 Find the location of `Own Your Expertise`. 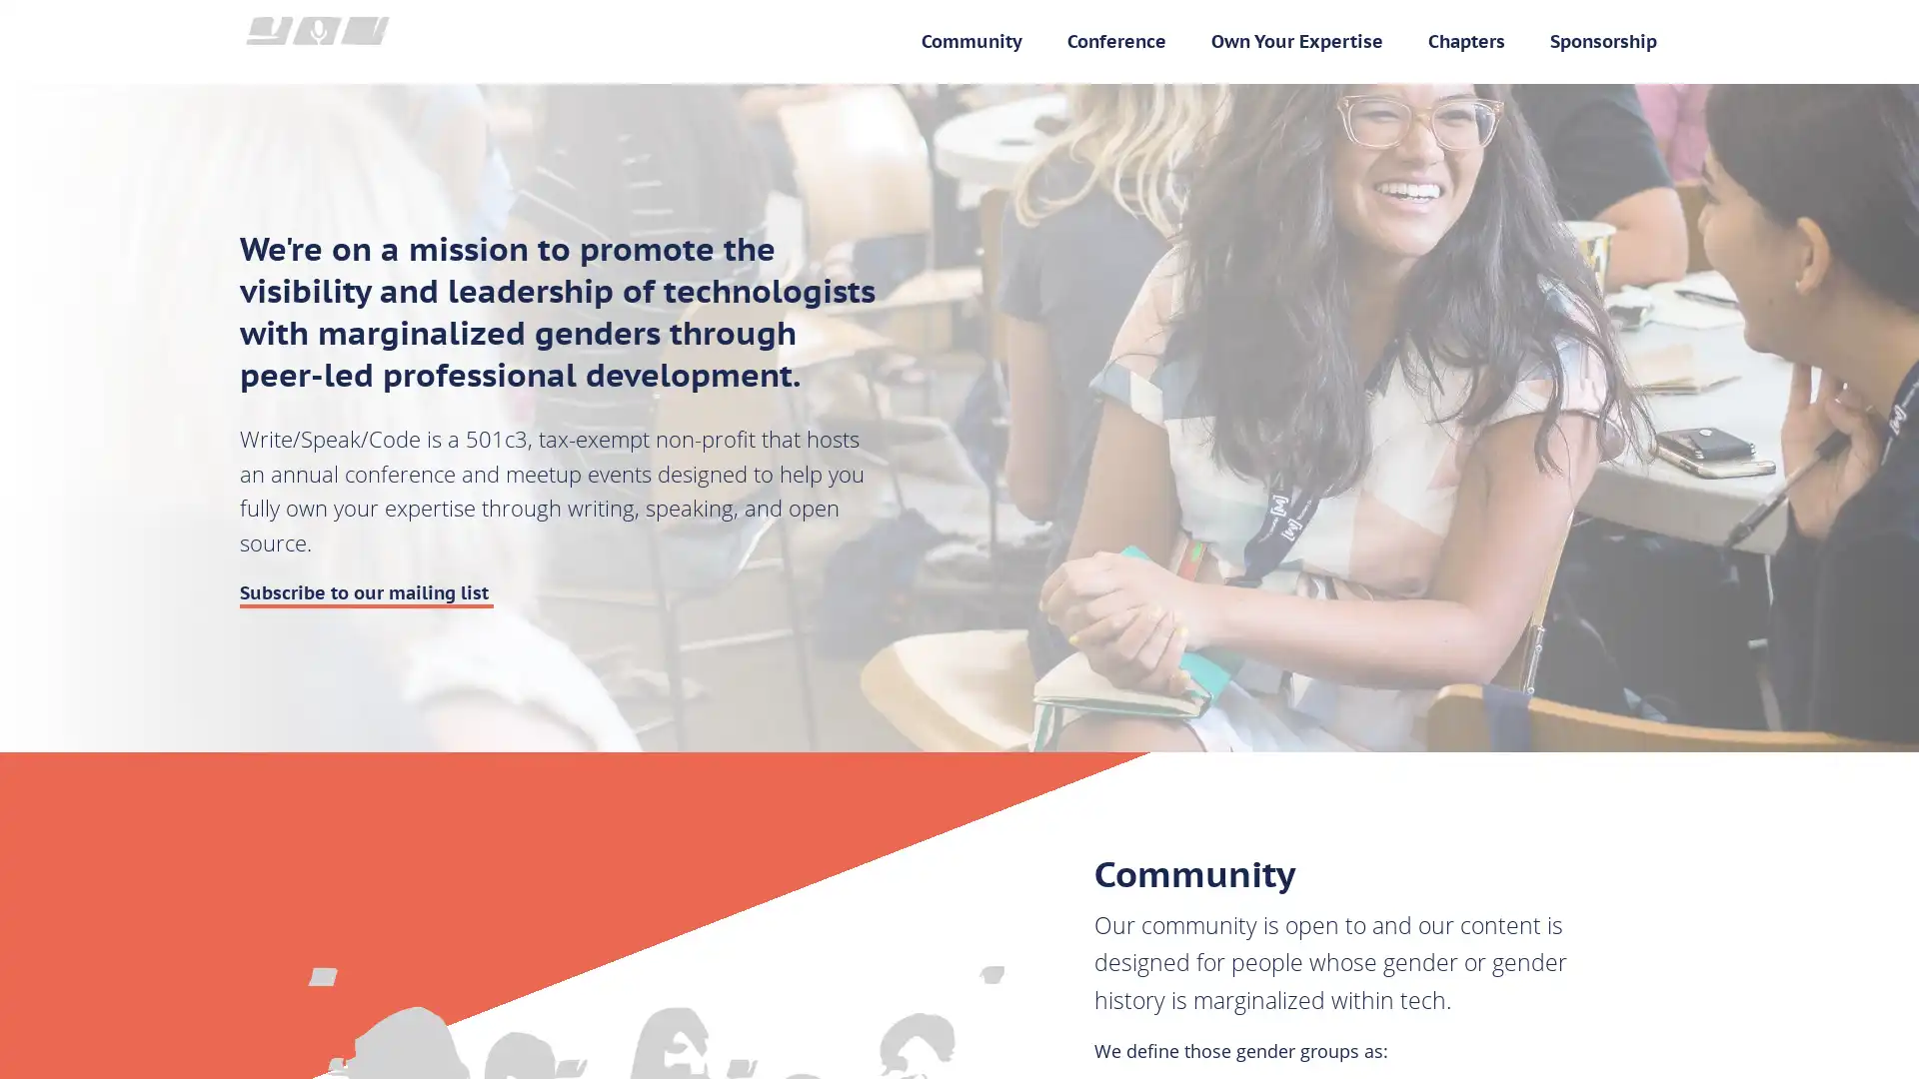

Own Your Expertise is located at coordinates (1296, 41).